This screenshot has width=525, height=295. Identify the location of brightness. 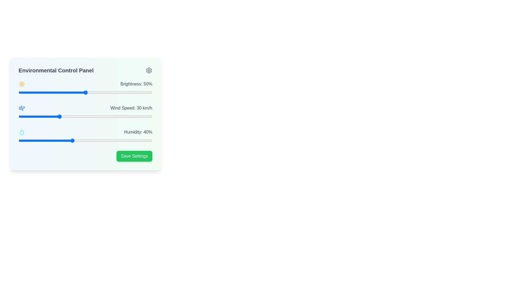
(44, 92).